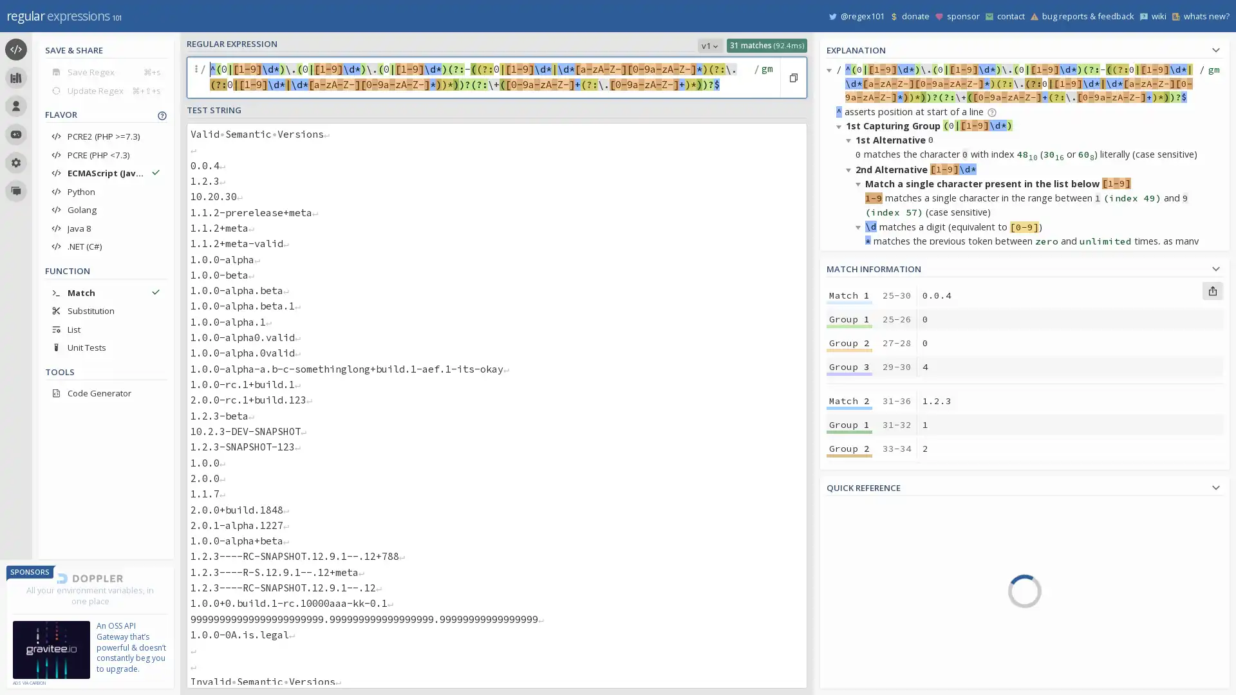 The image size is (1236, 695). What do you see at coordinates (849, 577) in the screenshot?
I see `Group 3` at bounding box center [849, 577].